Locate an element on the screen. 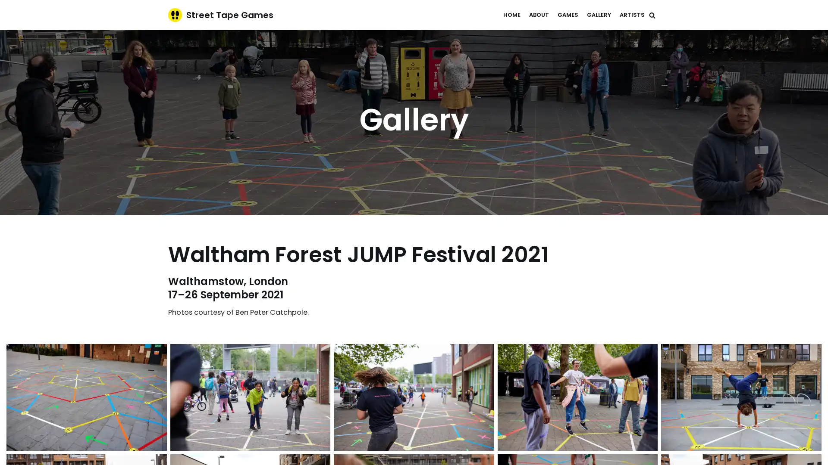  Search is located at coordinates (652, 15).